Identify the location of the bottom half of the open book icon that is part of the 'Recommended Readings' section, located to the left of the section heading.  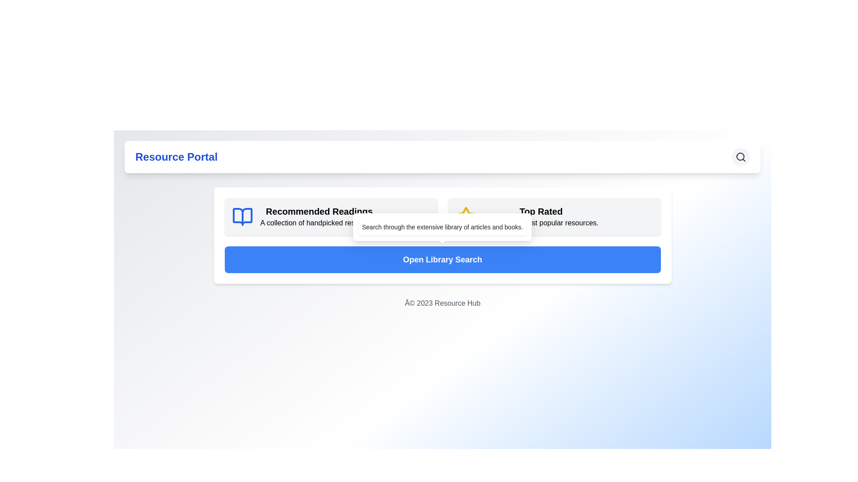
(242, 217).